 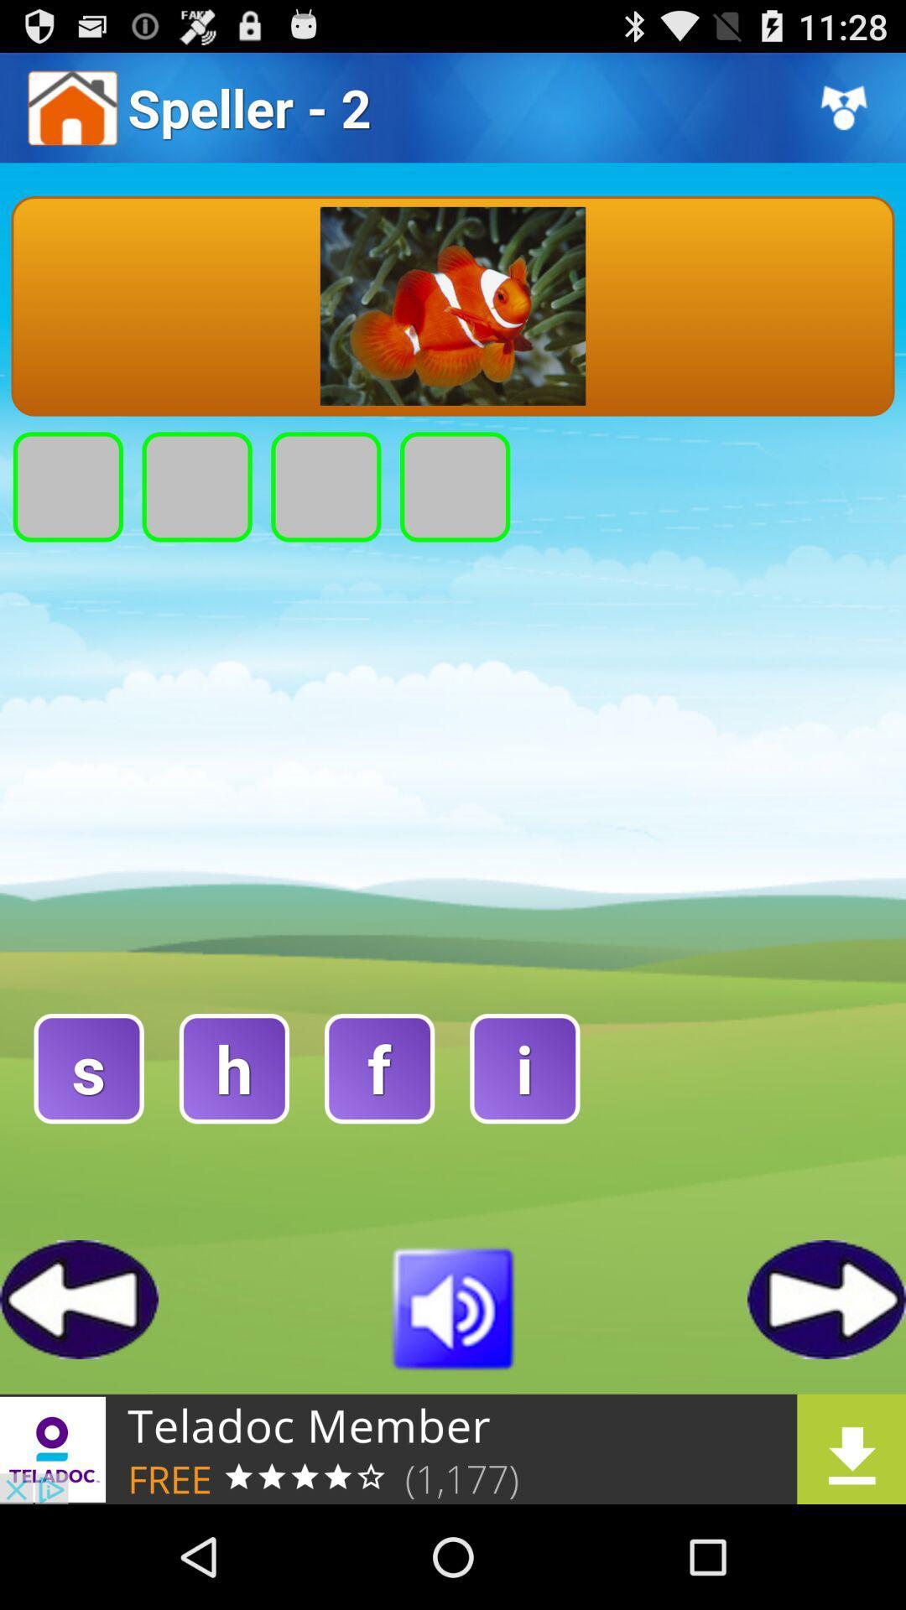 What do you see at coordinates (453, 1448) in the screenshot?
I see `the element is a advertisement for teladoc member` at bounding box center [453, 1448].